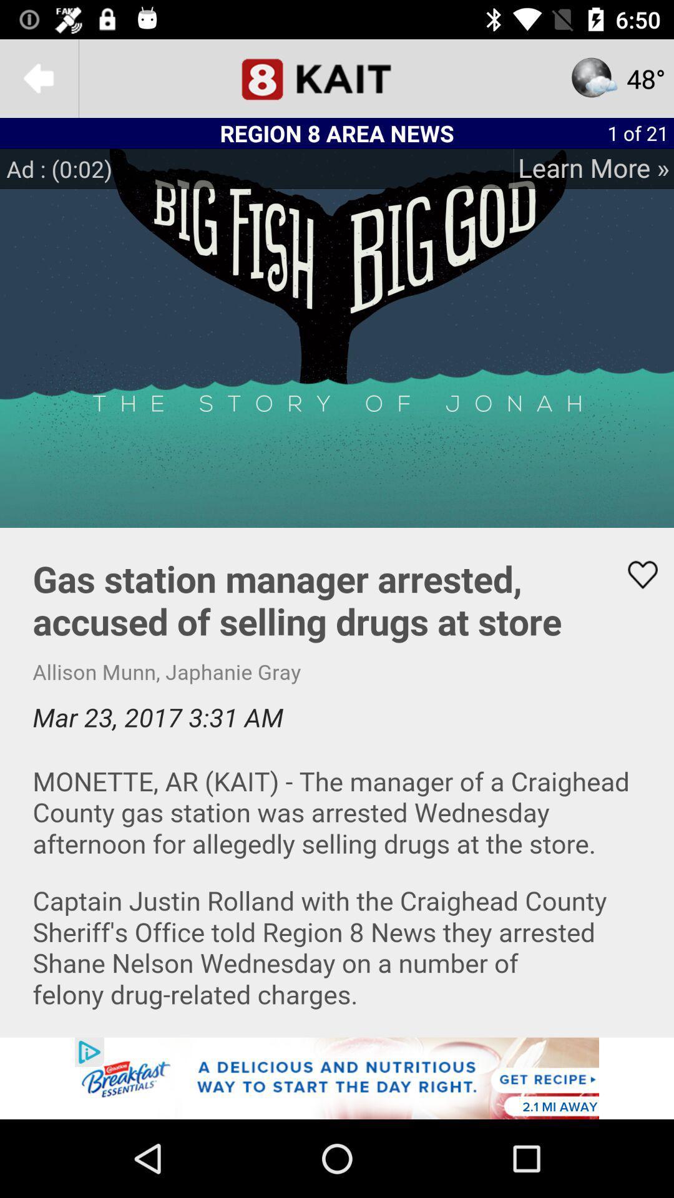  Describe the element at coordinates (38, 77) in the screenshot. I see `the arrow_backward icon` at that location.